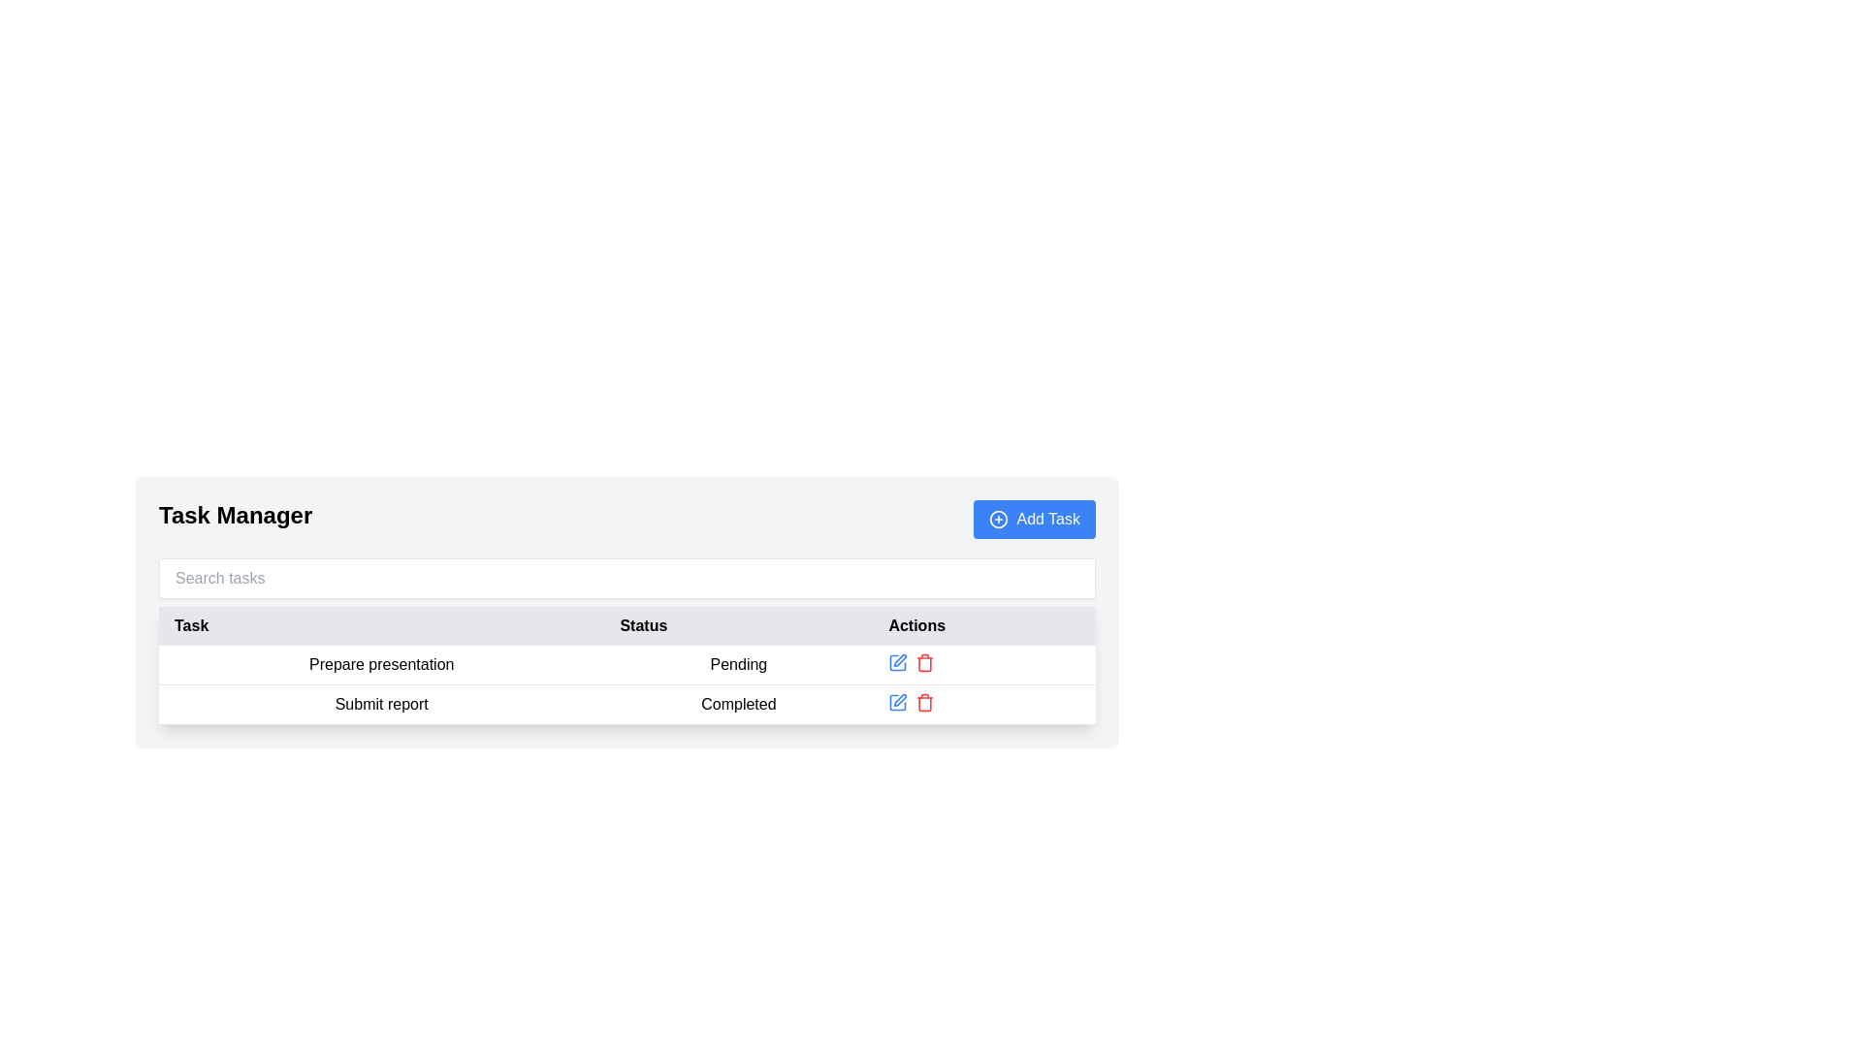 This screenshot has width=1862, height=1047. Describe the element at coordinates (627, 664) in the screenshot. I see `the first interactive row in the Task Manager table` at that location.